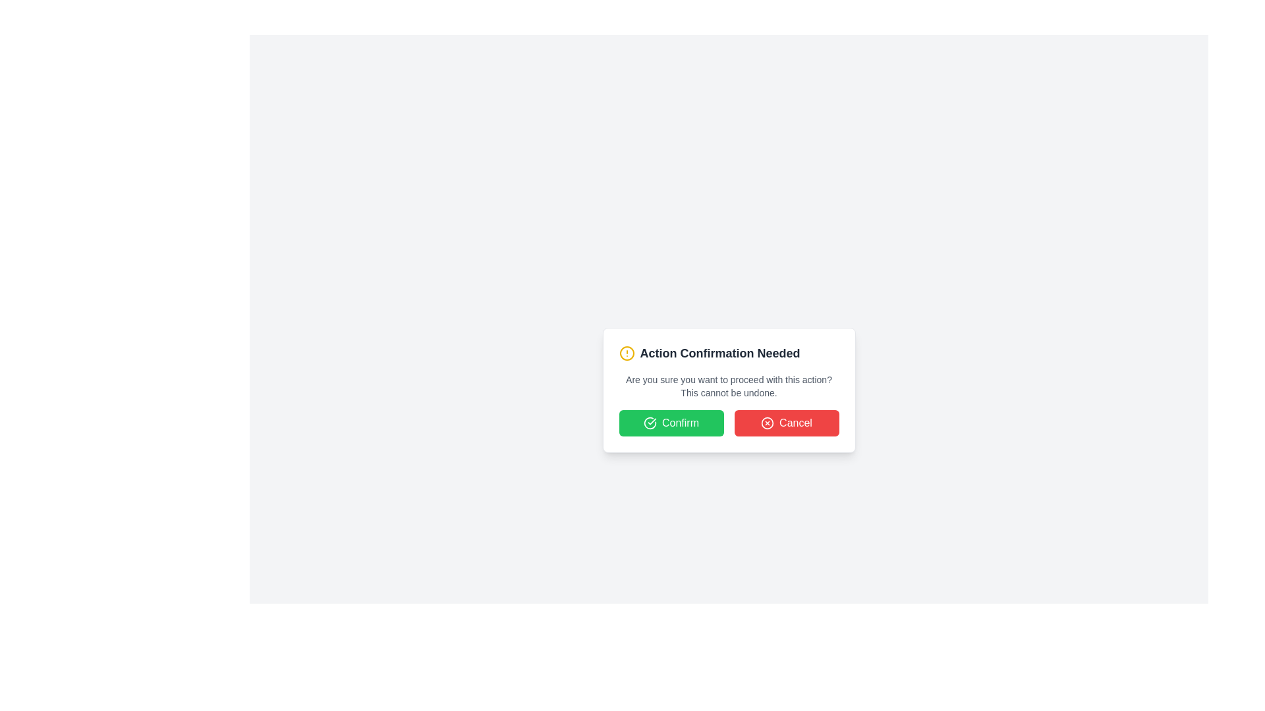  What do you see at coordinates (650, 423) in the screenshot?
I see `the circular icon with a checkmark located in the bottom right area of the confirmation dialog box, next to the 'Confirm' button` at bounding box center [650, 423].